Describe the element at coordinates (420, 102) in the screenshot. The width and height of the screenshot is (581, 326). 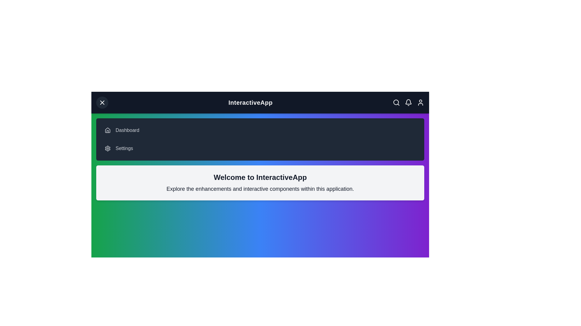
I see `the user profile icon to open the user menu` at that location.